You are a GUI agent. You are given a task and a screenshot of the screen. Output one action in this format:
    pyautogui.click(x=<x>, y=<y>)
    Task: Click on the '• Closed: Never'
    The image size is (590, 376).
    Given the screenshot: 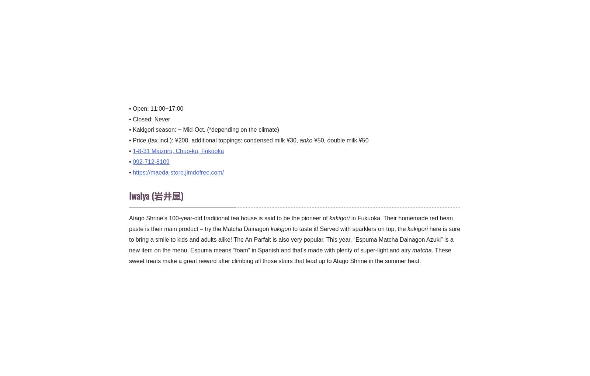 What is the action you would take?
    pyautogui.click(x=149, y=118)
    